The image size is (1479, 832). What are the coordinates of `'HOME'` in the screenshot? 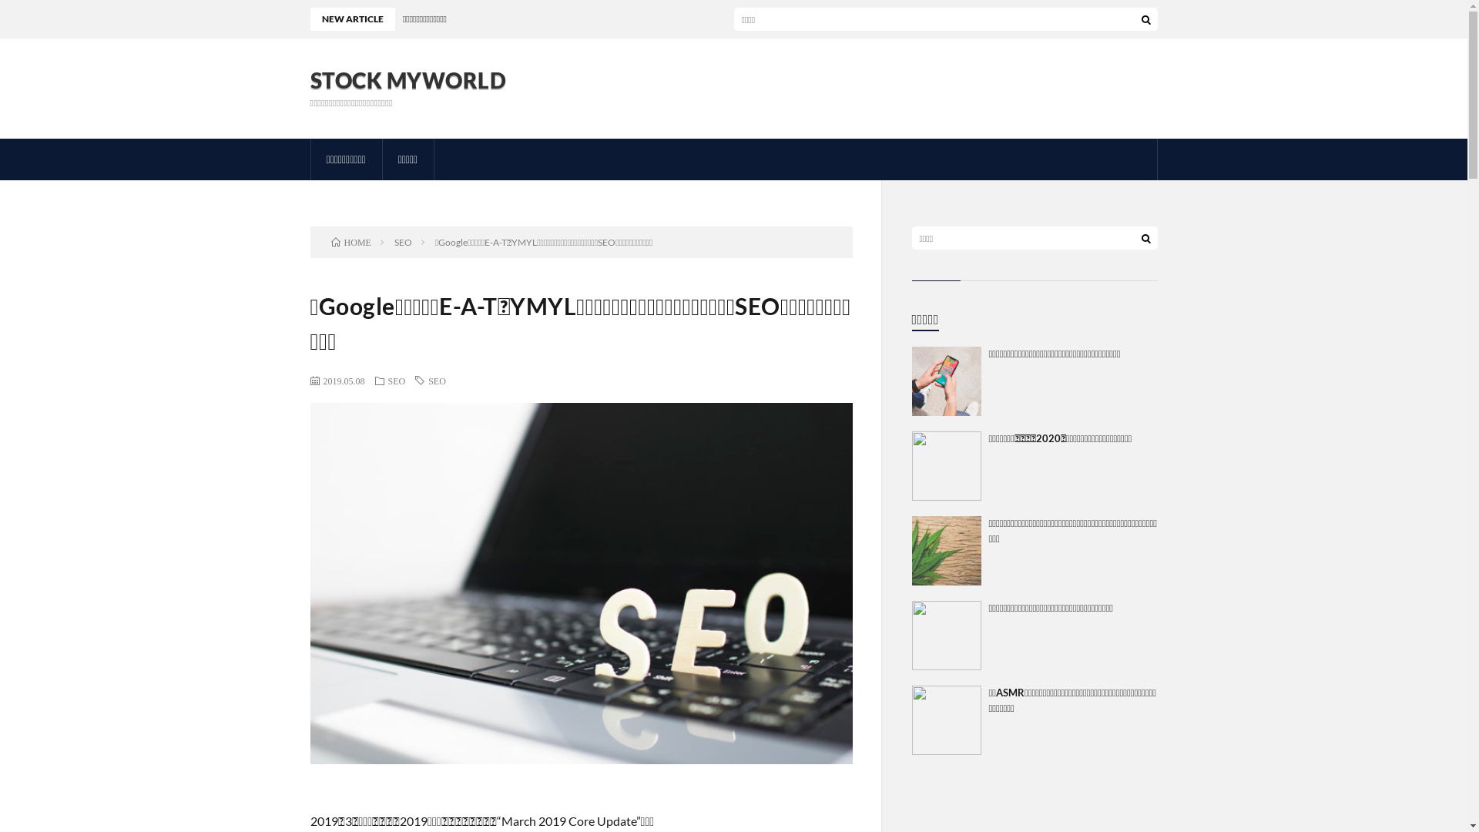 It's located at (350, 242).